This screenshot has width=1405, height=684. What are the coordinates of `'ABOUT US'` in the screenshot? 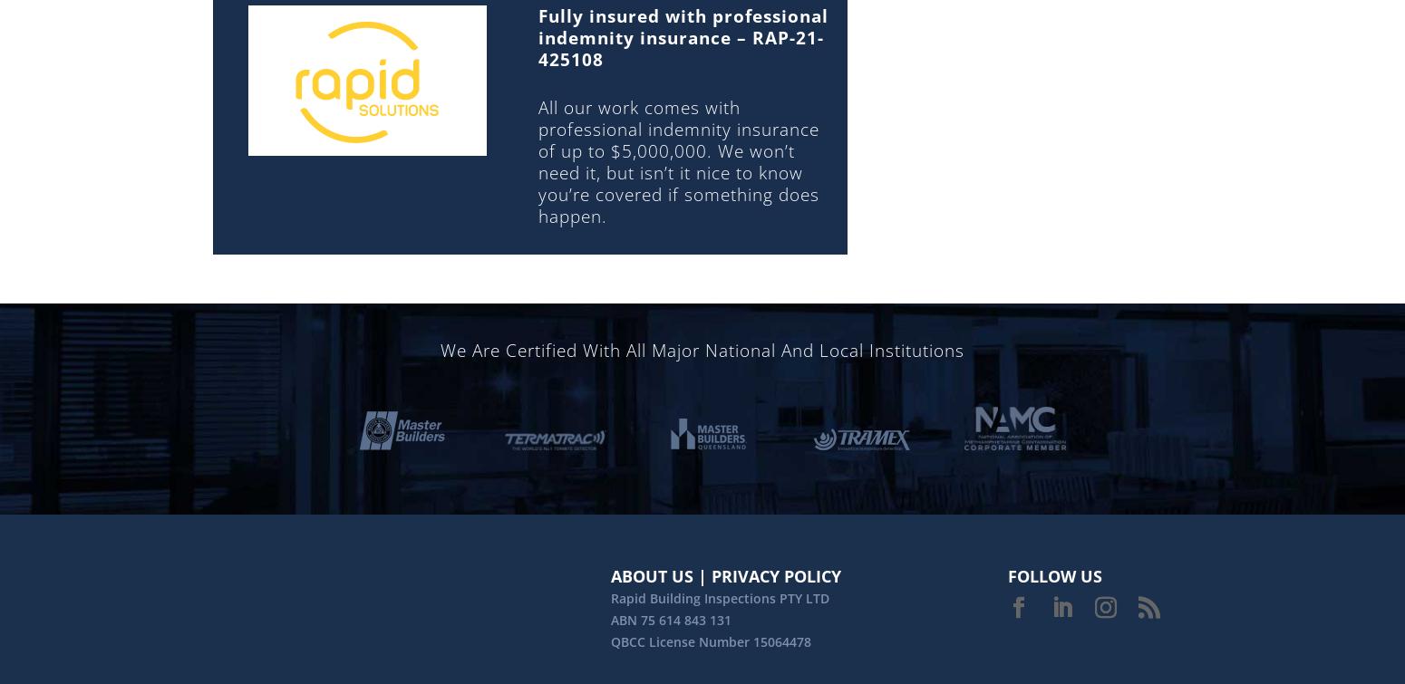 It's located at (652, 575).